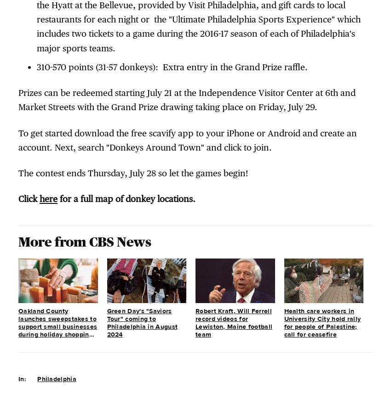  Describe the element at coordinates (57, 326) in the screenshot. I see `'Oakland County launches sweepstakes to support small businesses during holiday shopping season'` at that location.